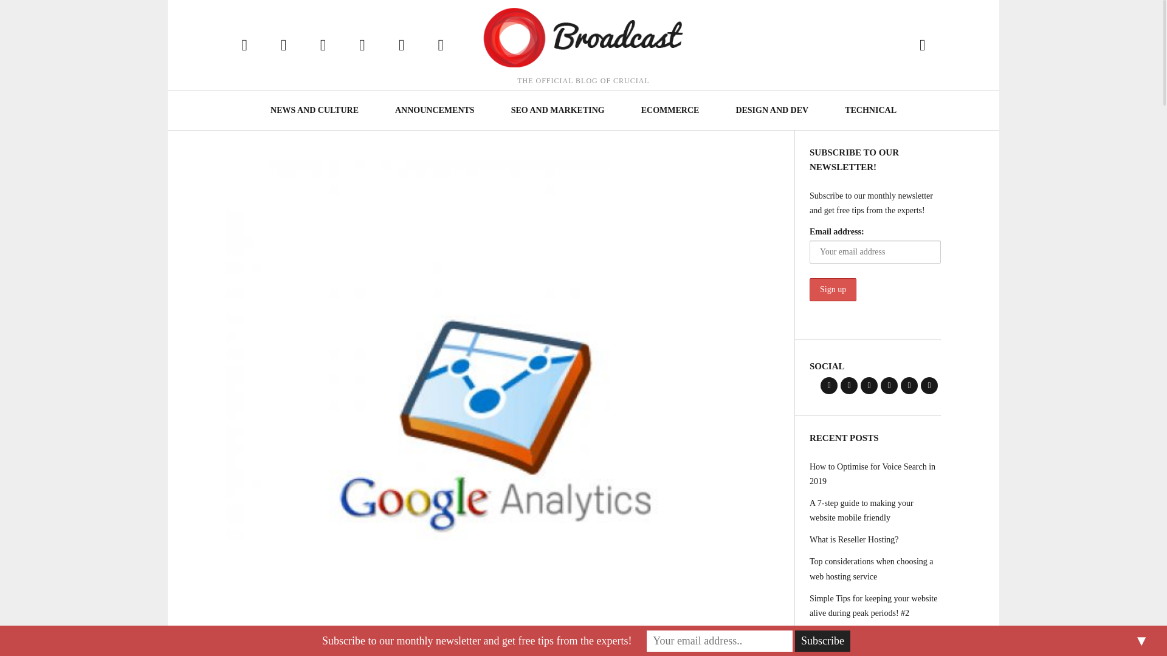  I want to click on 'What is Reseller Hosting?', so click(875, 539).